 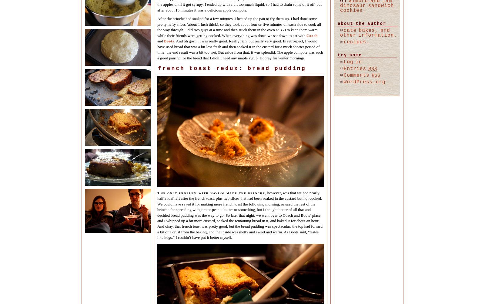 What do you see at coordinates (364, 82) in the screenshot?
I see `'WordPress.org'` at bounding box center [364, 82].